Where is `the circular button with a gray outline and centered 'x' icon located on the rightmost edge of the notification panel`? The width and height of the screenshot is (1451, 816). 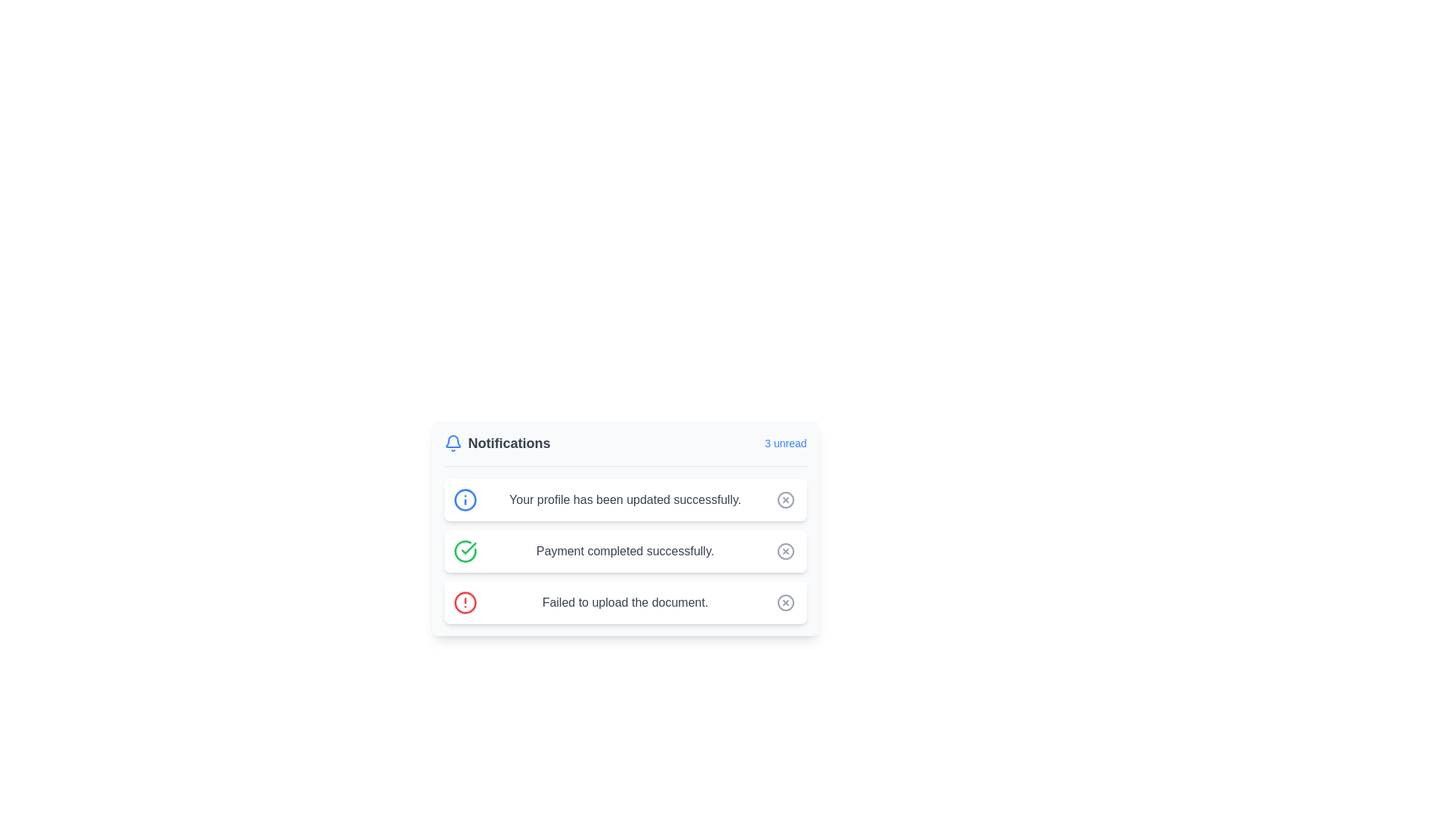 the circular button with a gray outline and centered 'x' icon located on the rightmost edge of the notification panel is located at coordinates (785, 500).